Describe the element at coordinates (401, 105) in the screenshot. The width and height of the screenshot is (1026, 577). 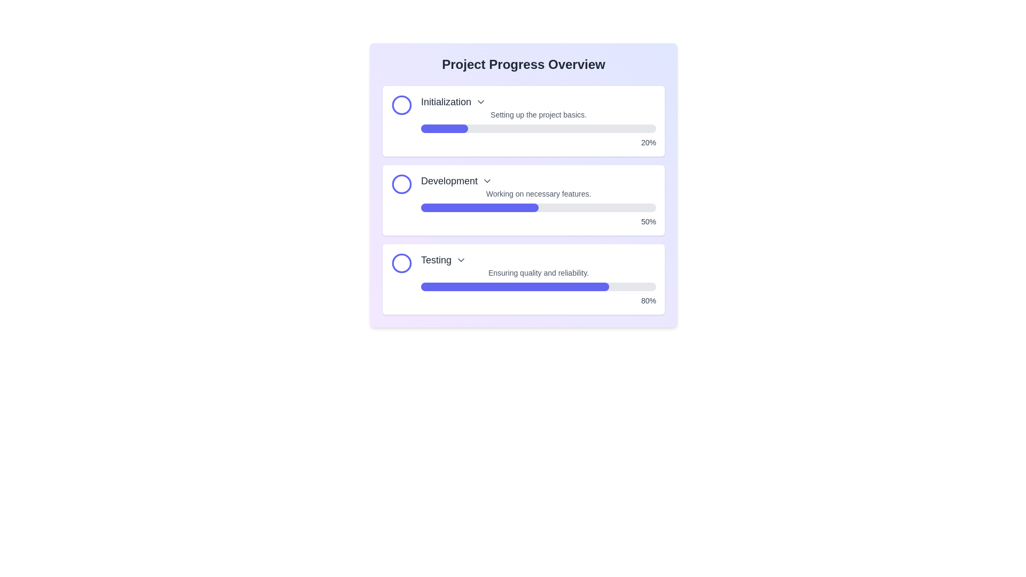
I see `the status indicator icon located in the top-left corner of the 'Initialization' section, which is positioned to the left of the 'Initialization' text and above the indigo-colored progress bar` at that location.